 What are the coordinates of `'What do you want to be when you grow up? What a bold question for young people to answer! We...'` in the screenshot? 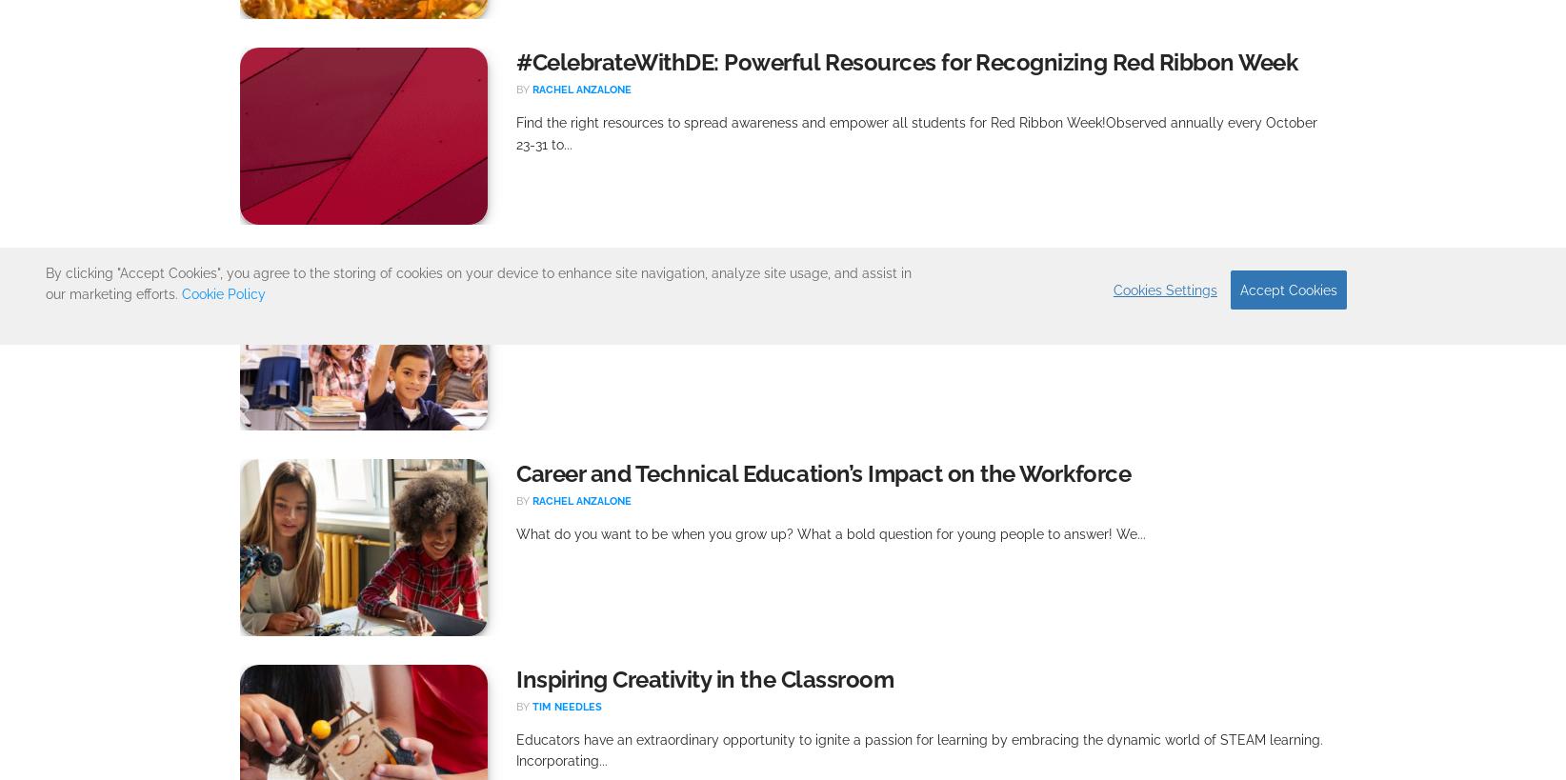 It's located at (831, 534).